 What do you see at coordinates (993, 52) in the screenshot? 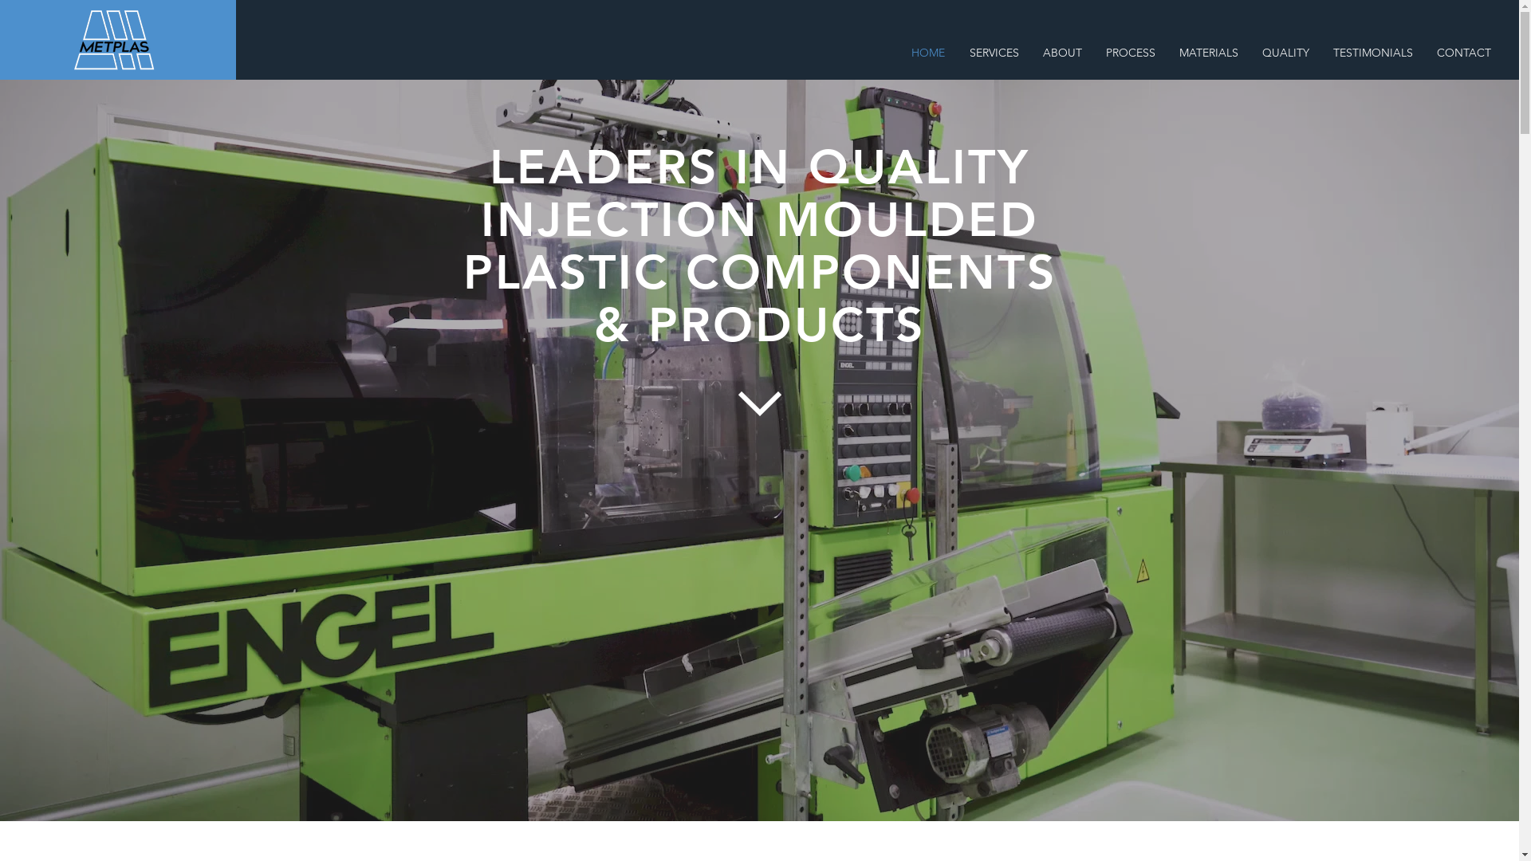
I see `'SERVICES'` at bounding box center [993, 52].